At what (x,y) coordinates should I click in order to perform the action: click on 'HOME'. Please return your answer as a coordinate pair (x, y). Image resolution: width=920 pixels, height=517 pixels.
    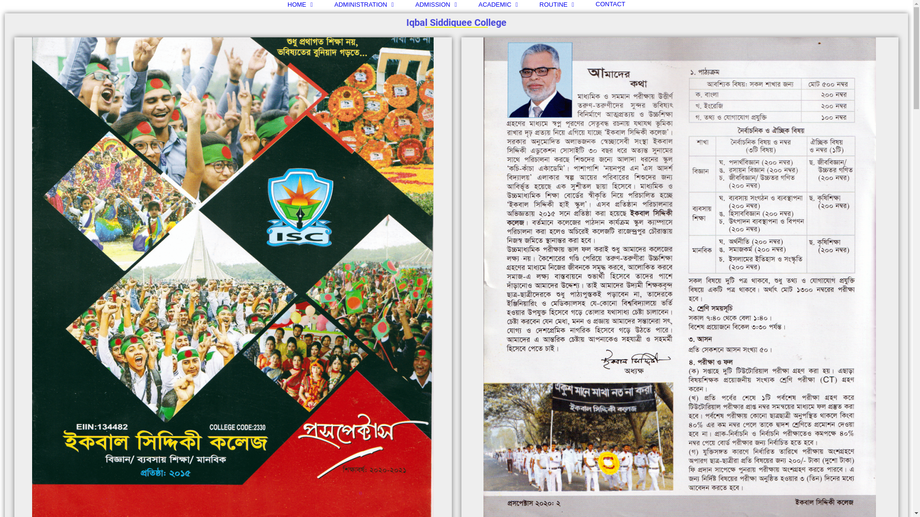
    Looking at the image, I should click on (299, 4).